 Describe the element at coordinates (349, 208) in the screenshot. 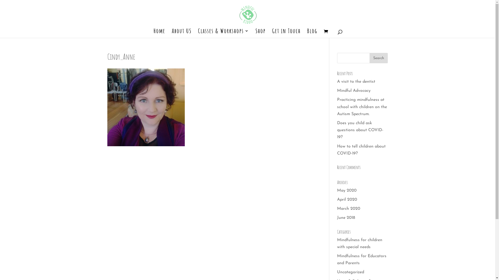

I see `'March 2020'` at that location.